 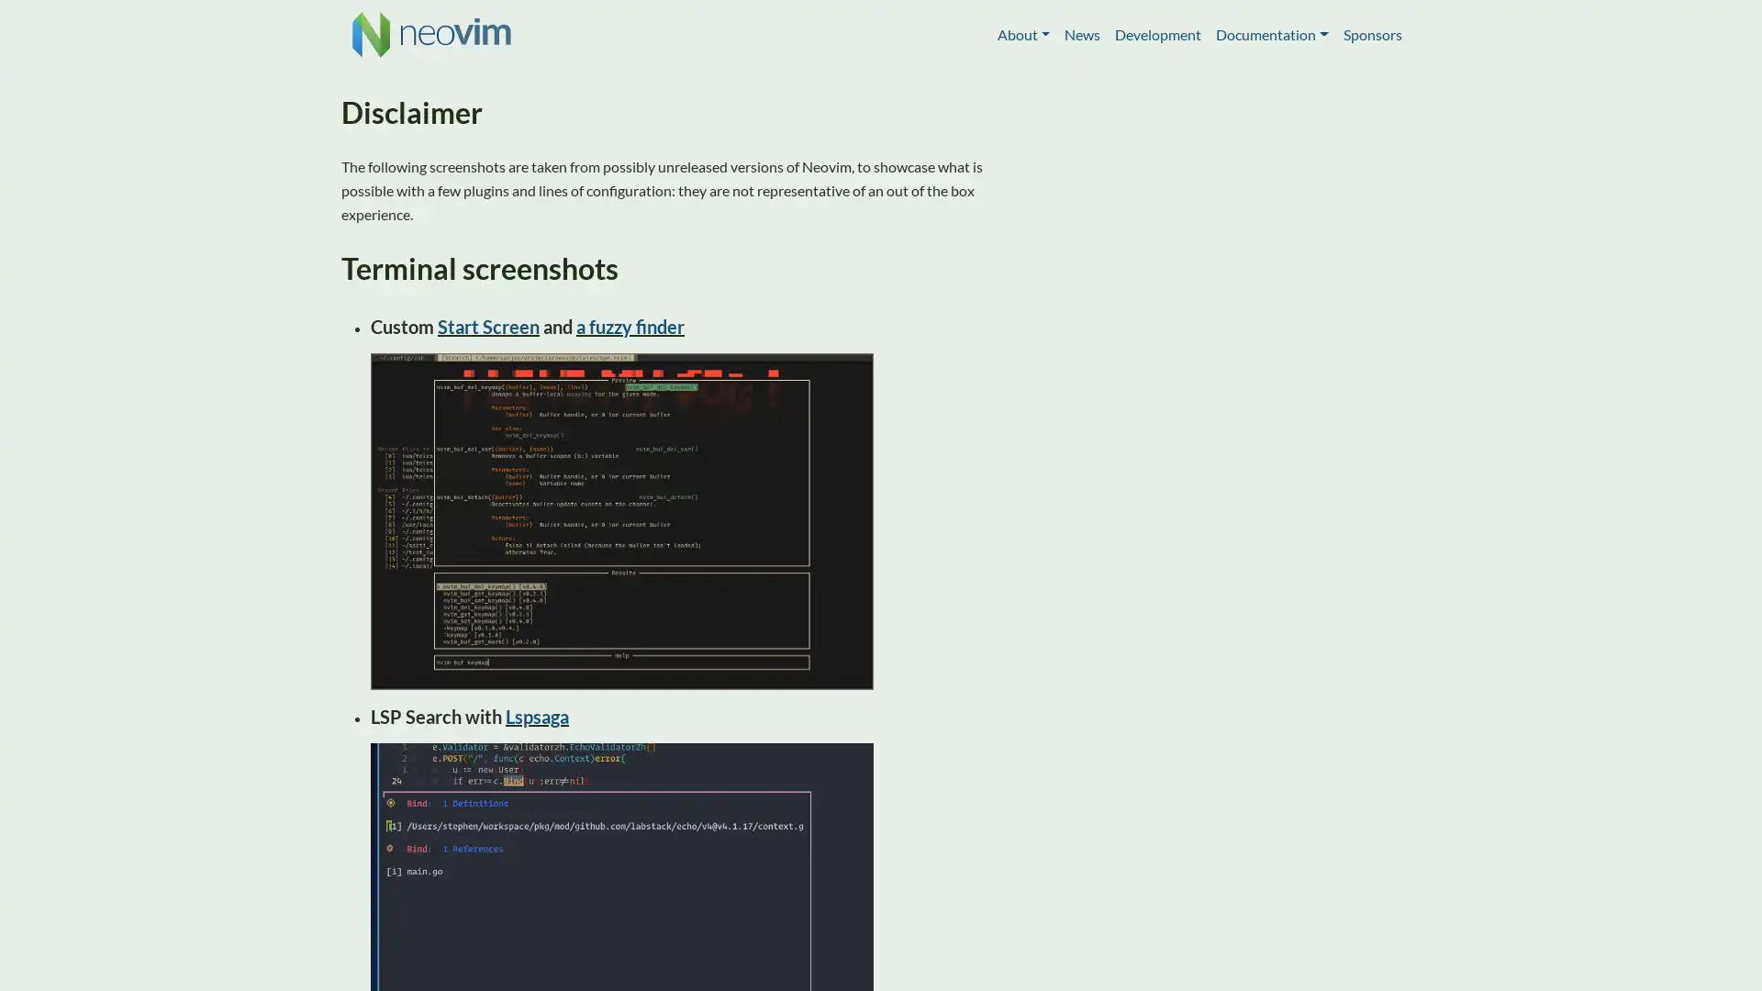 I want to click on Documentation, so click(x=1271, y=34).